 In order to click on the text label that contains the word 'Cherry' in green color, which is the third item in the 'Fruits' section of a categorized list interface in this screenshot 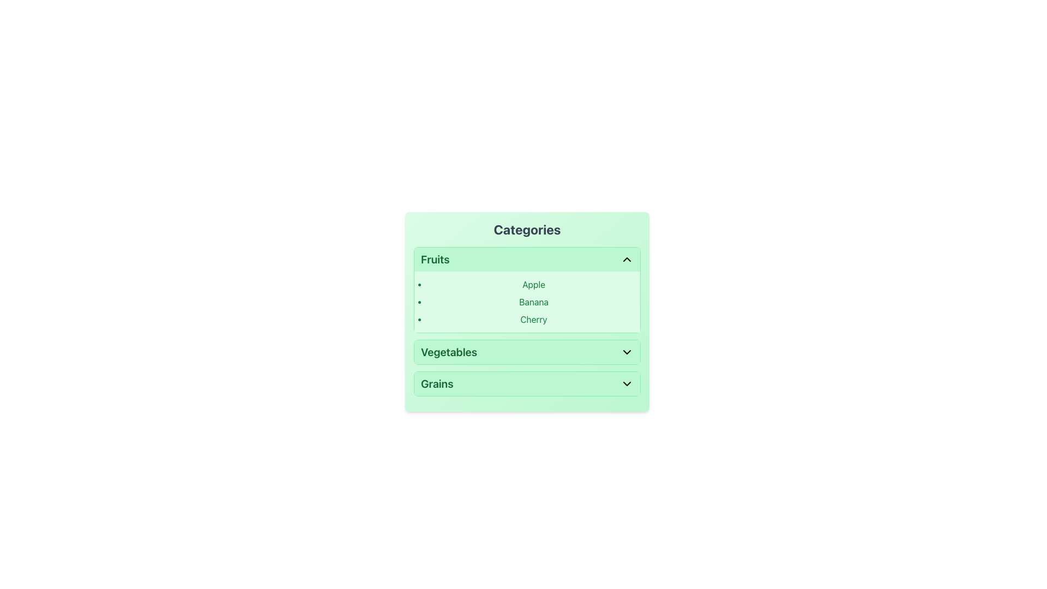, I will do `click(534, 319)`.